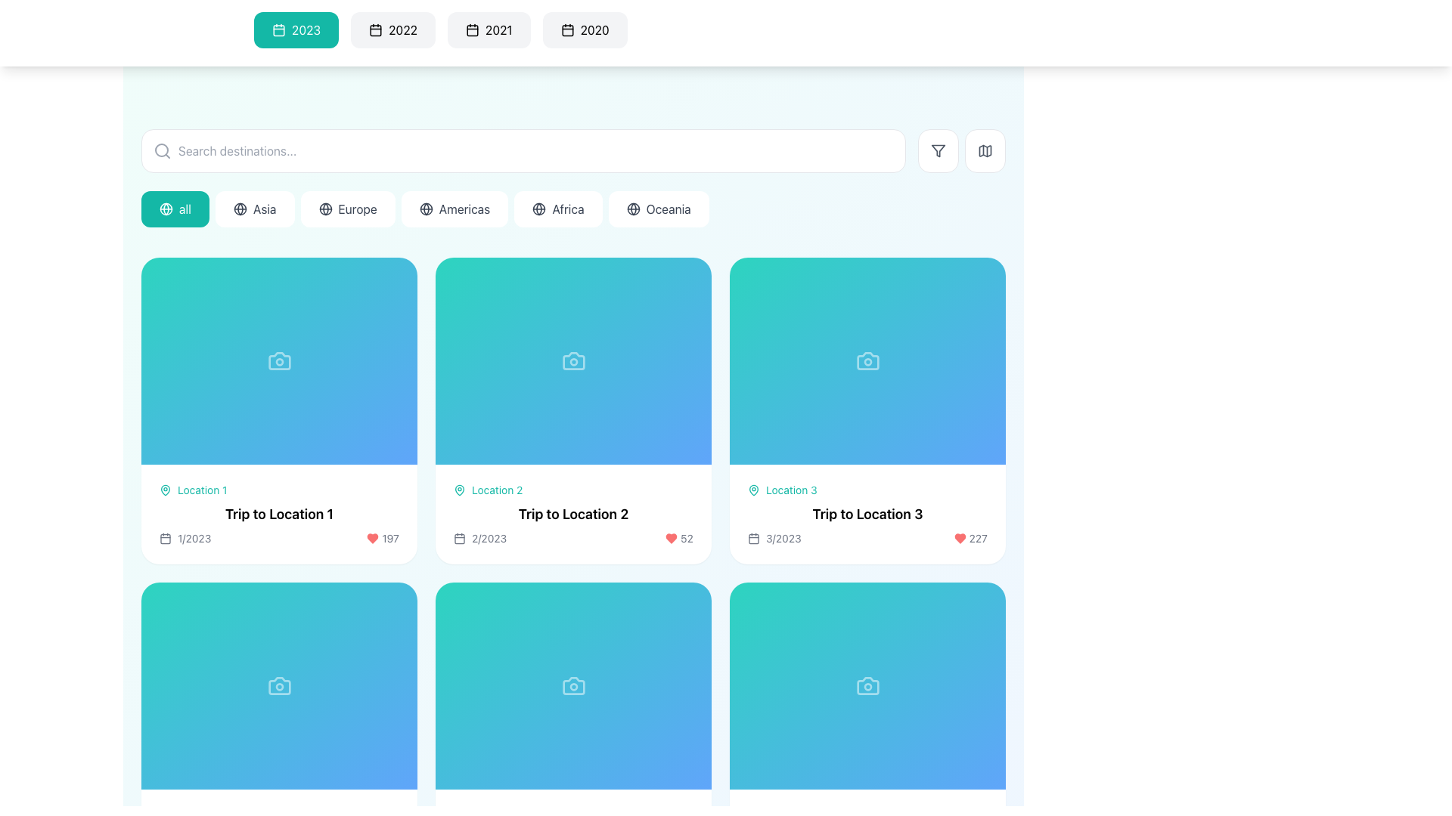  What do you see at coordinates (255, 209) in the screenshot?
I see `the Asia filter button, which is the second button in a horizontal row of navigation buttons, located between the 'all' button and the 'Europe' button` at bounding box center [255, 209].